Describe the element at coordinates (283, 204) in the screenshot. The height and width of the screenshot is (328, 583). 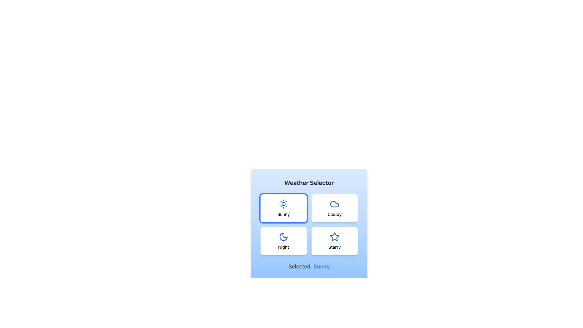
I see `the sunny weather icon in the Weather Selector interface` at that location.